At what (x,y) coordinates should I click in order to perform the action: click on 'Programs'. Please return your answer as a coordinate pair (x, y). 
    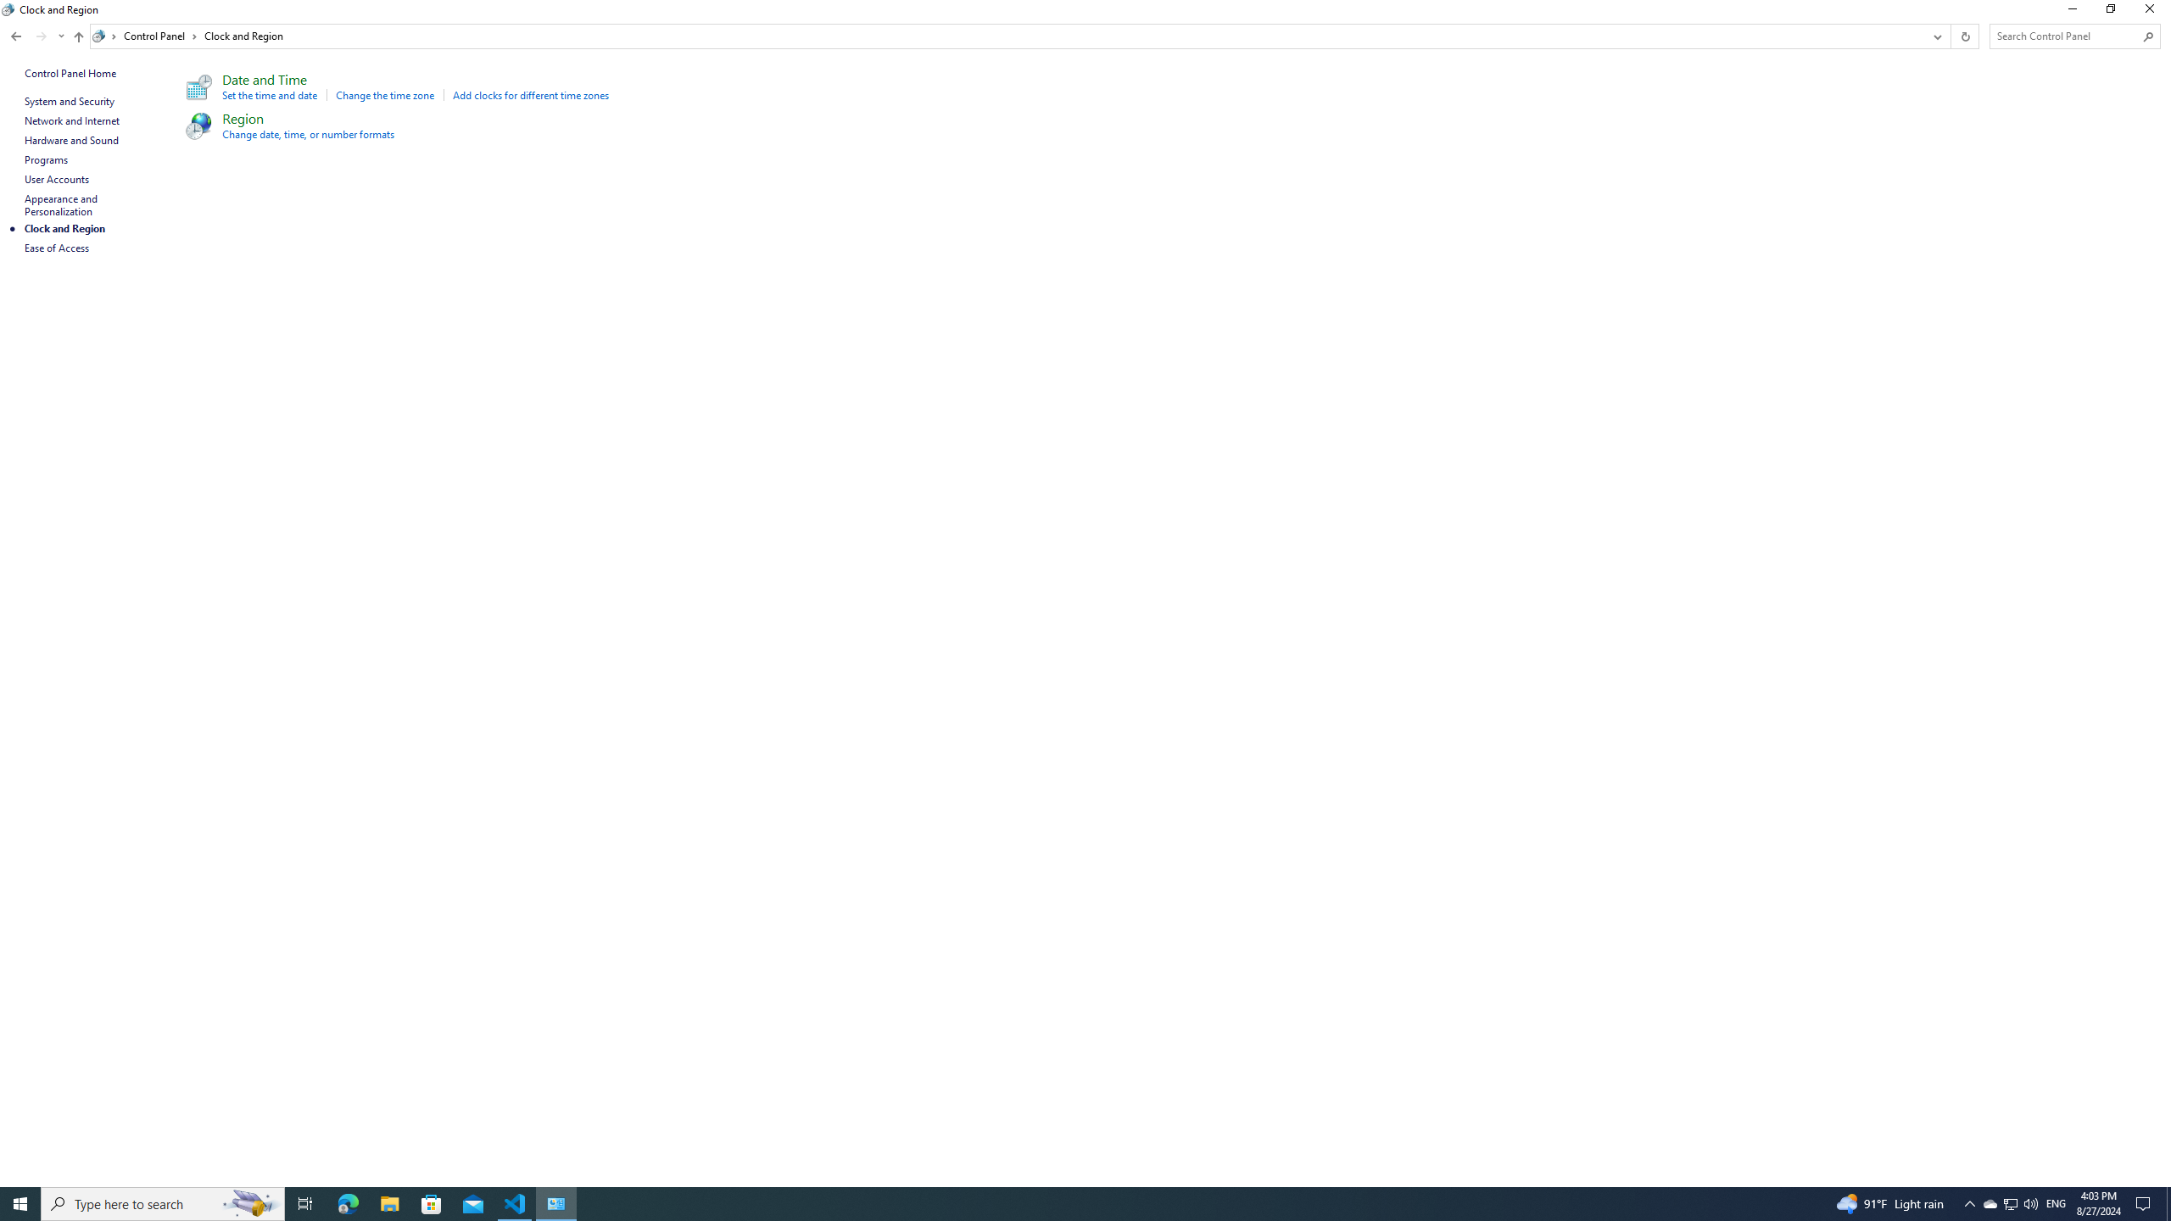
    Looking at the image, I should click on (46, 159).